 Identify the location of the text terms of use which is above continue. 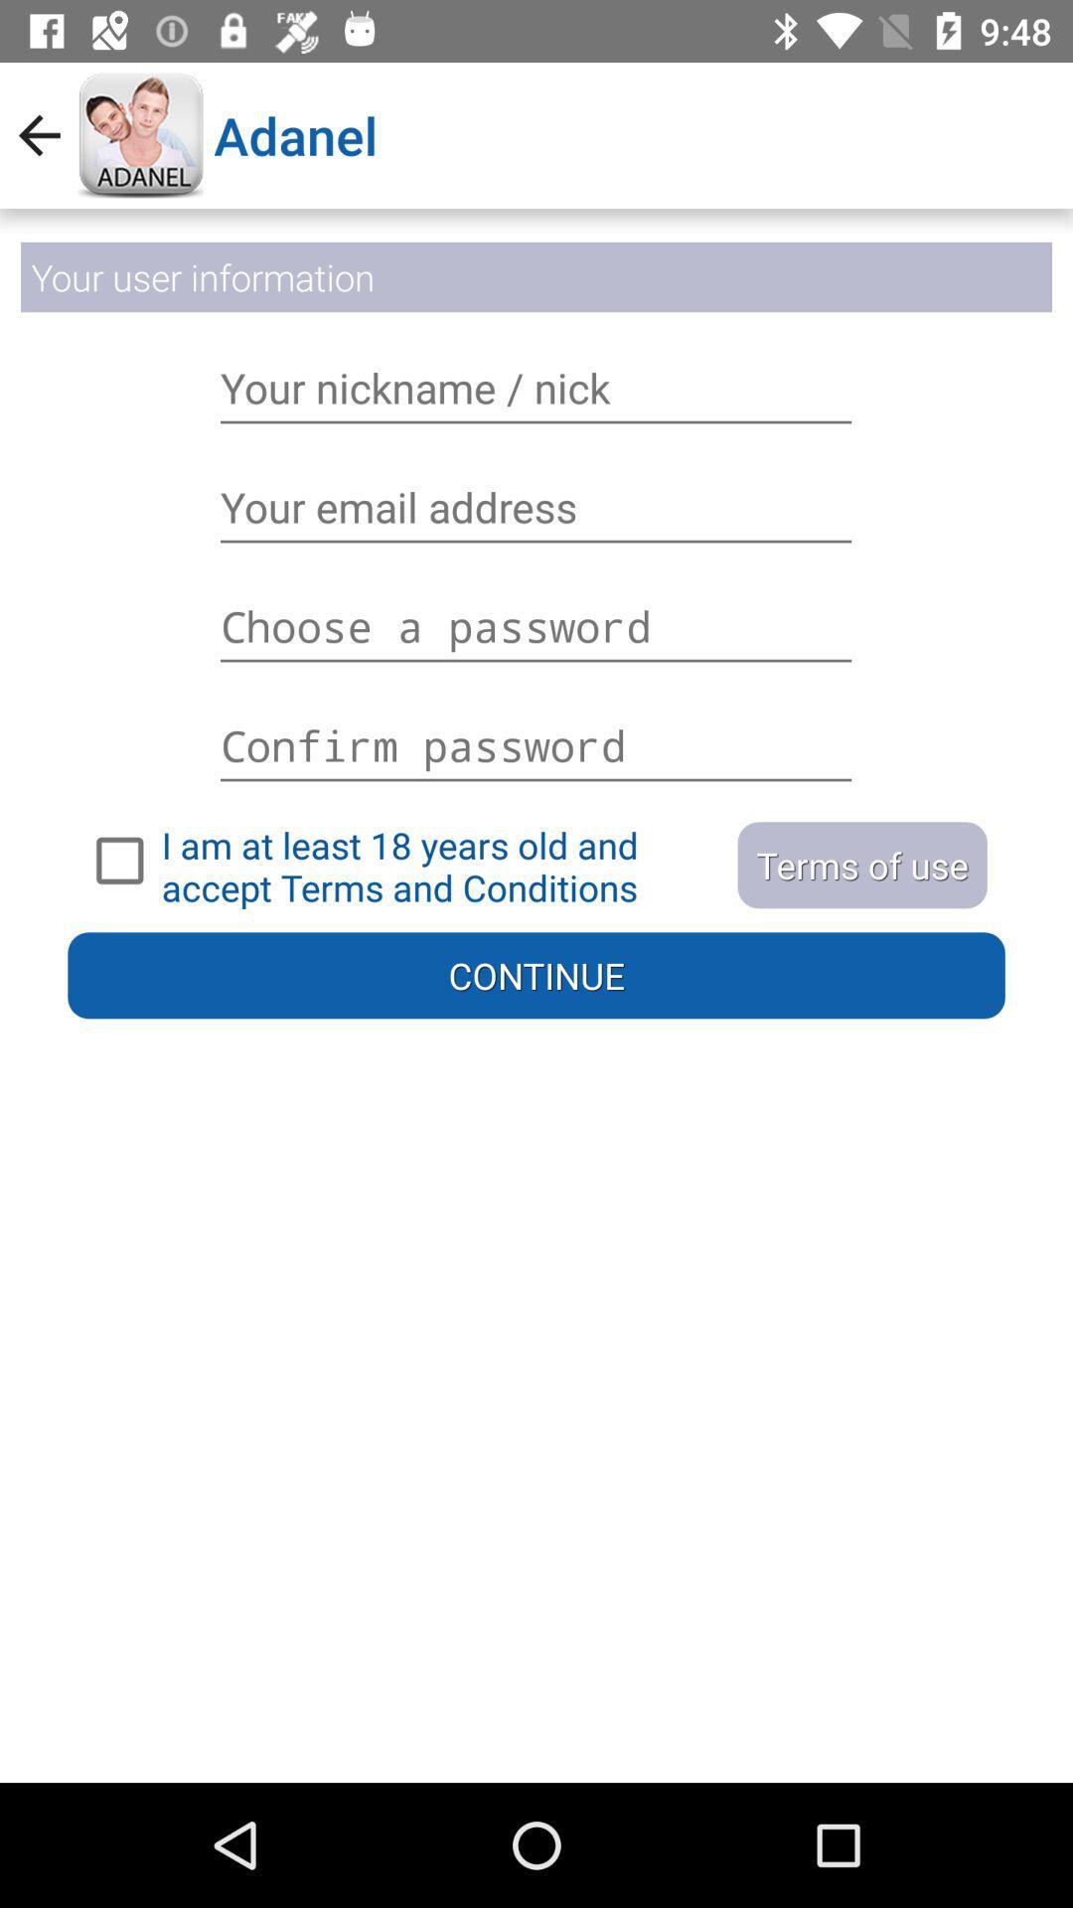
(860, 865).